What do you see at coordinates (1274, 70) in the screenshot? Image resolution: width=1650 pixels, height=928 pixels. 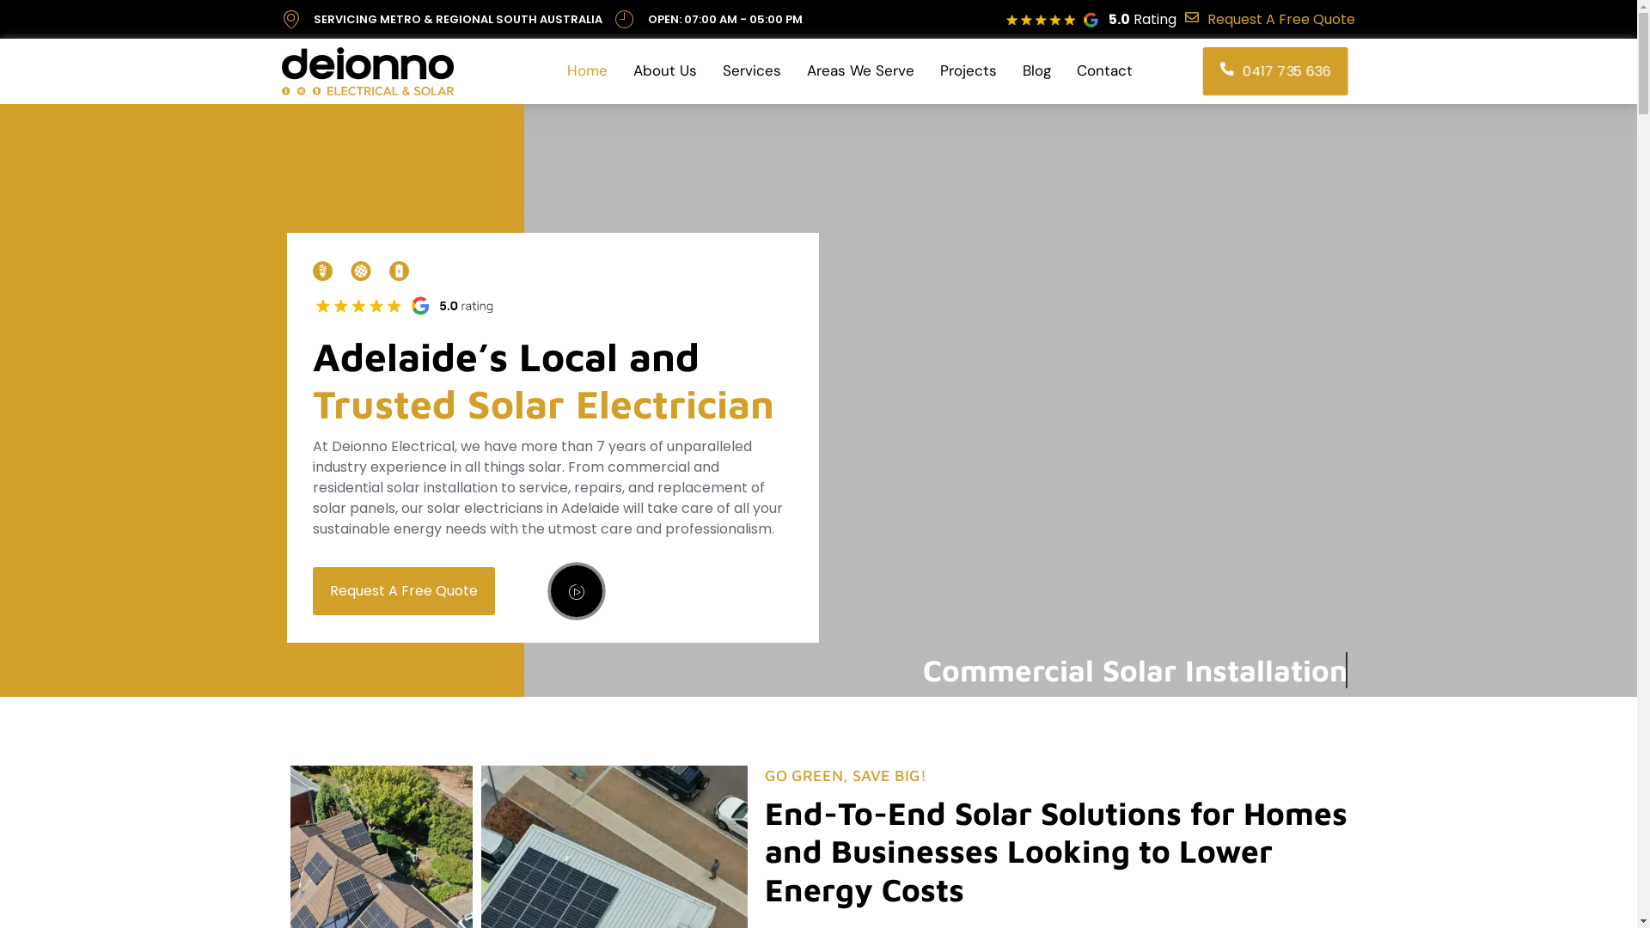 I see `'0417 735 636'` at bounding box center [1274, 70].